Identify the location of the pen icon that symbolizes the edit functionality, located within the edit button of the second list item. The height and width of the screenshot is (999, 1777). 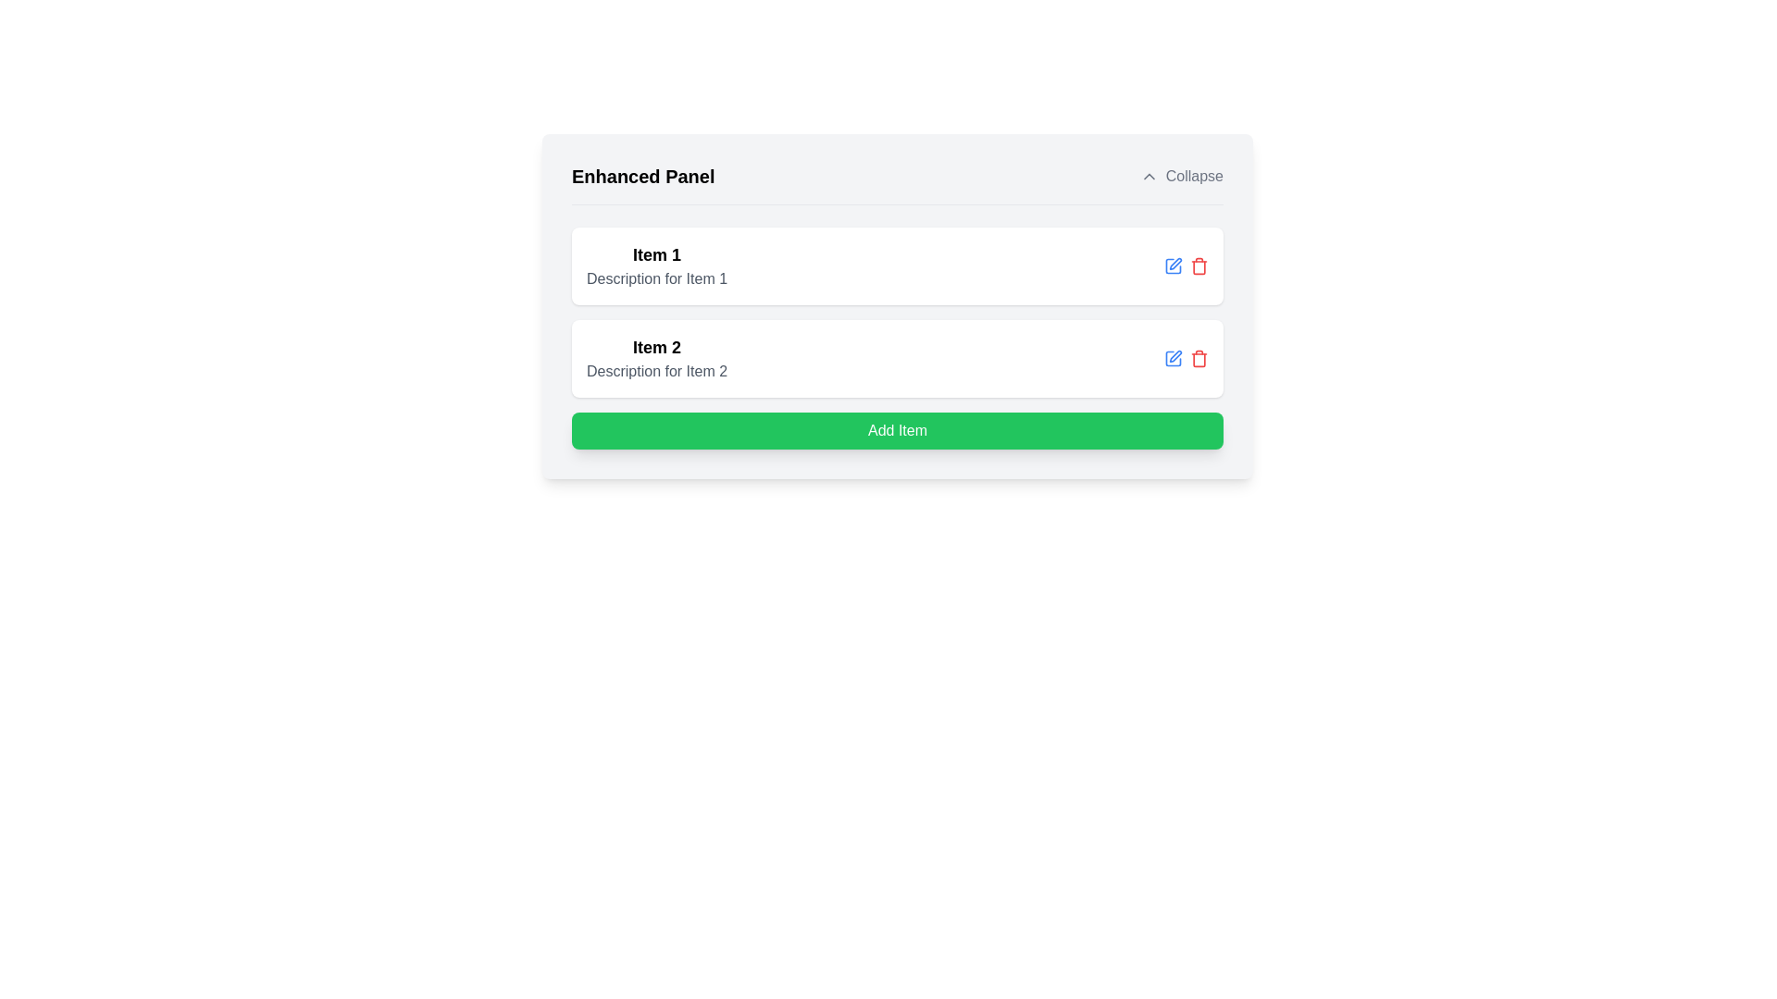
(1174, 356).